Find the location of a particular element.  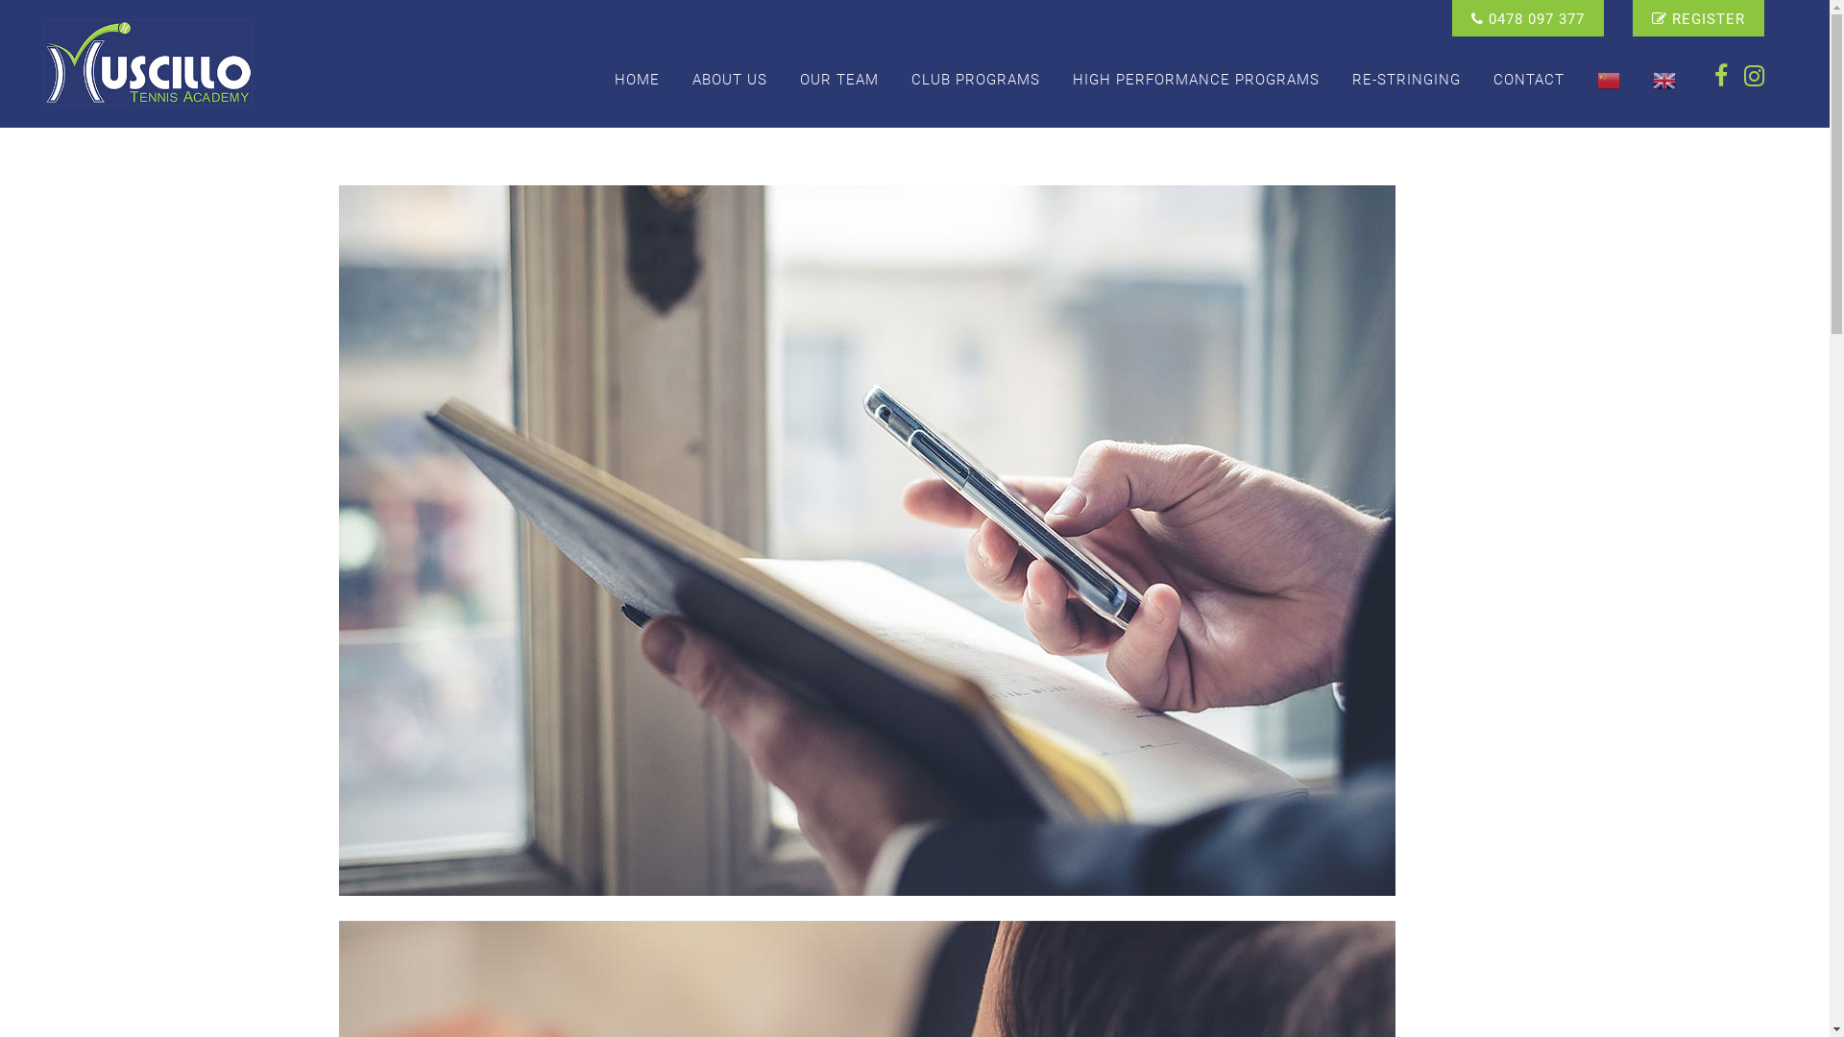

'0478 097 377' is located at coordinates (1526, 18).